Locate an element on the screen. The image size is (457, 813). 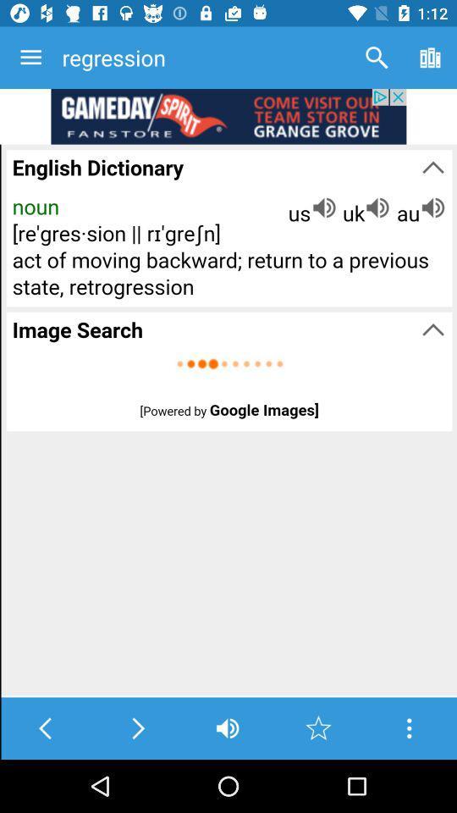
bookmark this selection is located at coordinates (318, 727).